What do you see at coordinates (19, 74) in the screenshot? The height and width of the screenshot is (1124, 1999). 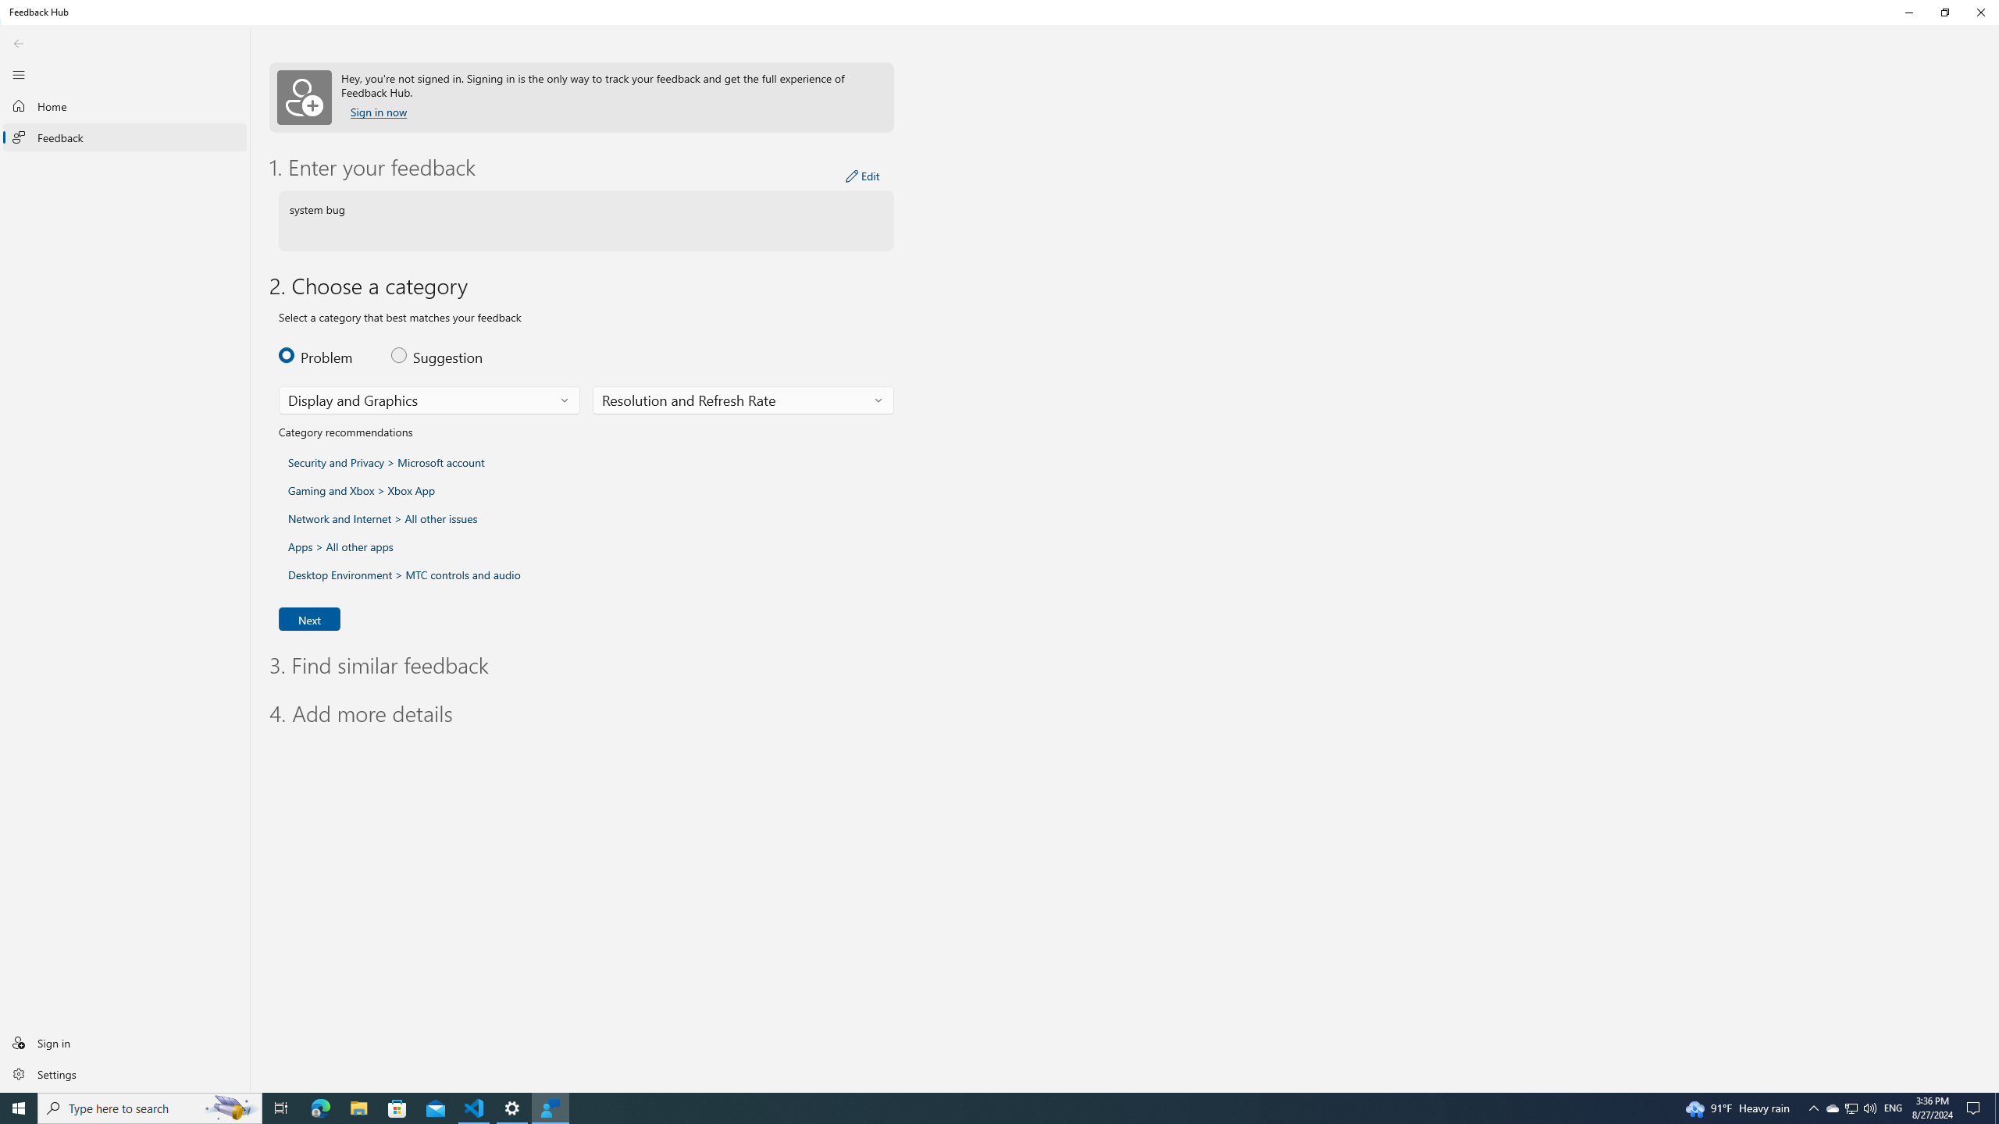 I see `'Close Navigation'` at bounding box center [19, 74].